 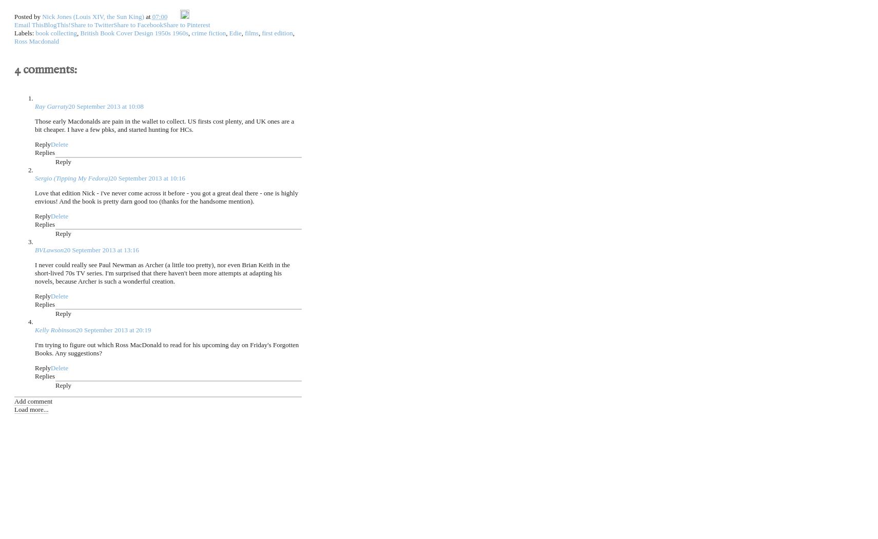 I want to click on 'Ross Macdonald', so click(x=36, y=40).